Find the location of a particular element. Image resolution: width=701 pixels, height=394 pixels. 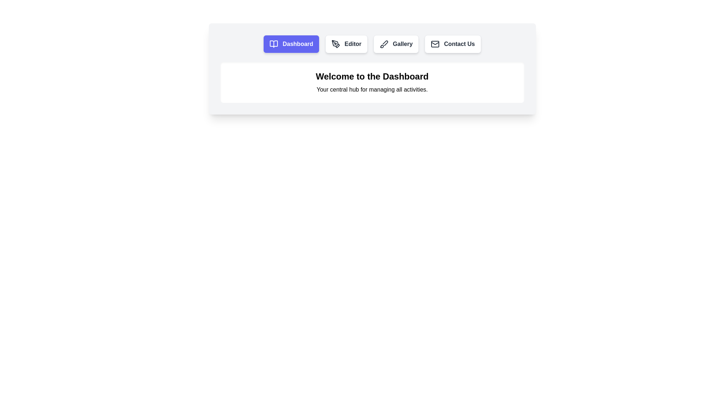

the decorative icon (SVG graphic) that enhances the visual appearance of the 'Dashboard' button, located at the far left of the button text is located at coordinates (273, 44).